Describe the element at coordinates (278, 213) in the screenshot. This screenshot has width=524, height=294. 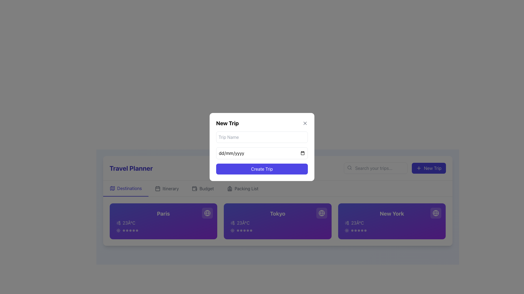
I see `the text label displaying 'Tokyo', which serves as the identifier for the card it is part of, located at the center of a rectangular card in a gradient purple style` at that location.